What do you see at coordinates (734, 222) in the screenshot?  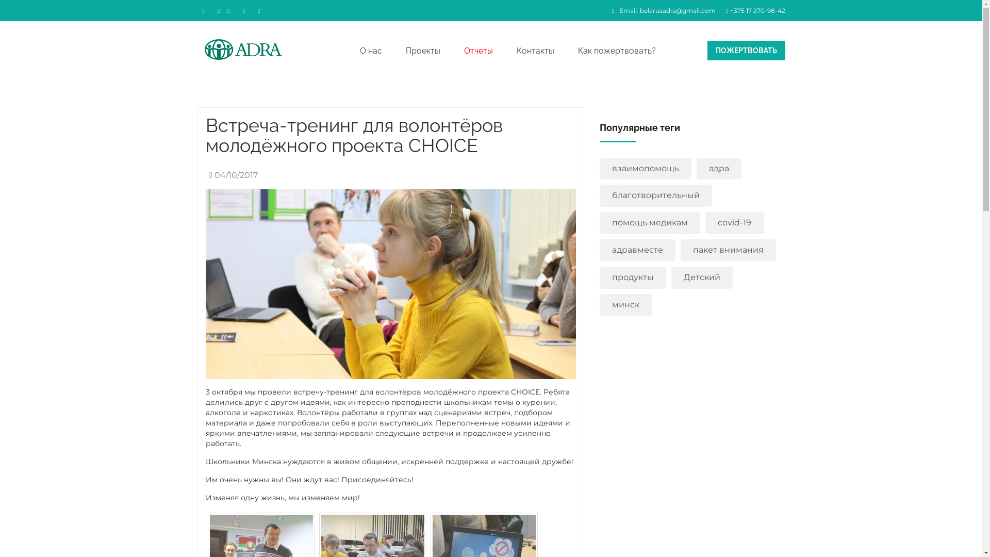 I see `'covid-19'` at bounding box center [734, 222].